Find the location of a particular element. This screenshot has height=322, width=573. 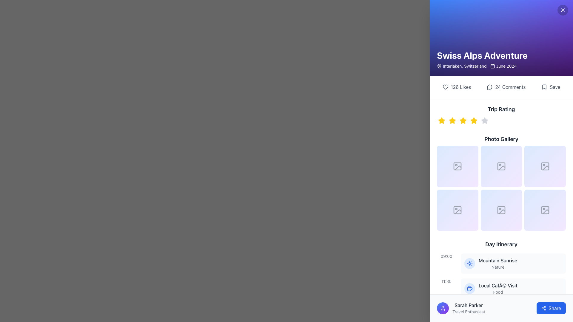

the first star icon in the rating system located under the 'Trip Rating' label in the sidebar to rate it is located at coordinates (441, 121).